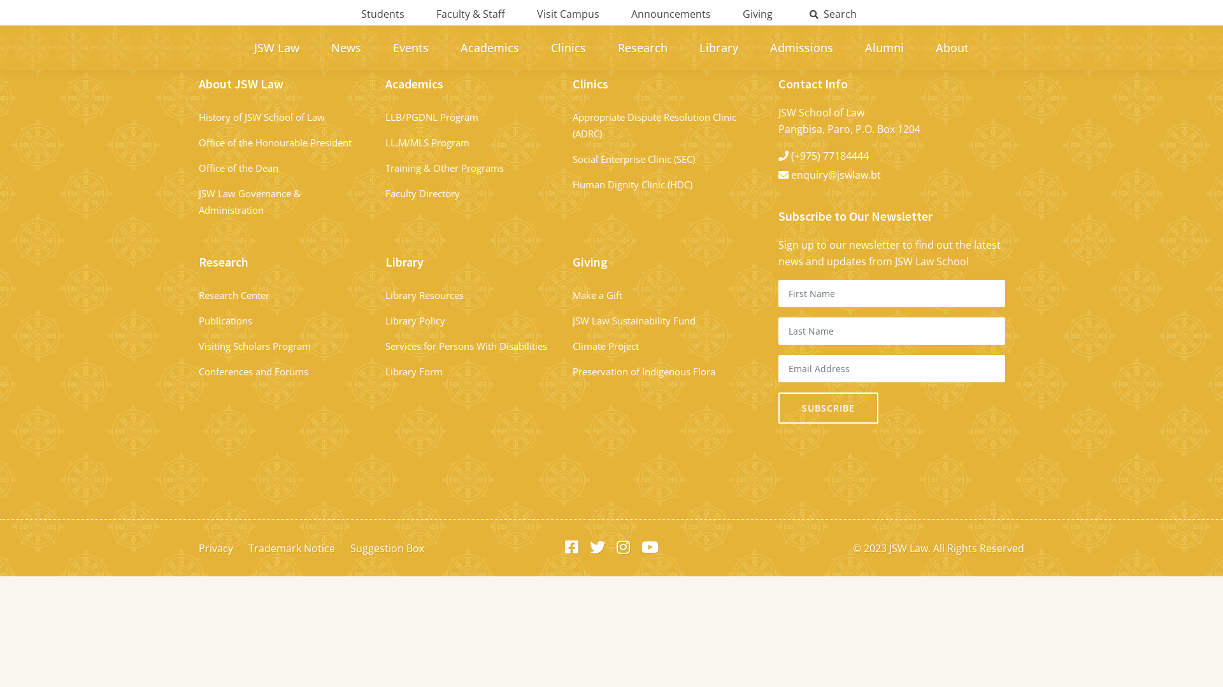  What do you see at coordinates (465, 345) in the screenshot?
I see `'Services for Persons With Disabilities'` at bounding box center [465, 345].